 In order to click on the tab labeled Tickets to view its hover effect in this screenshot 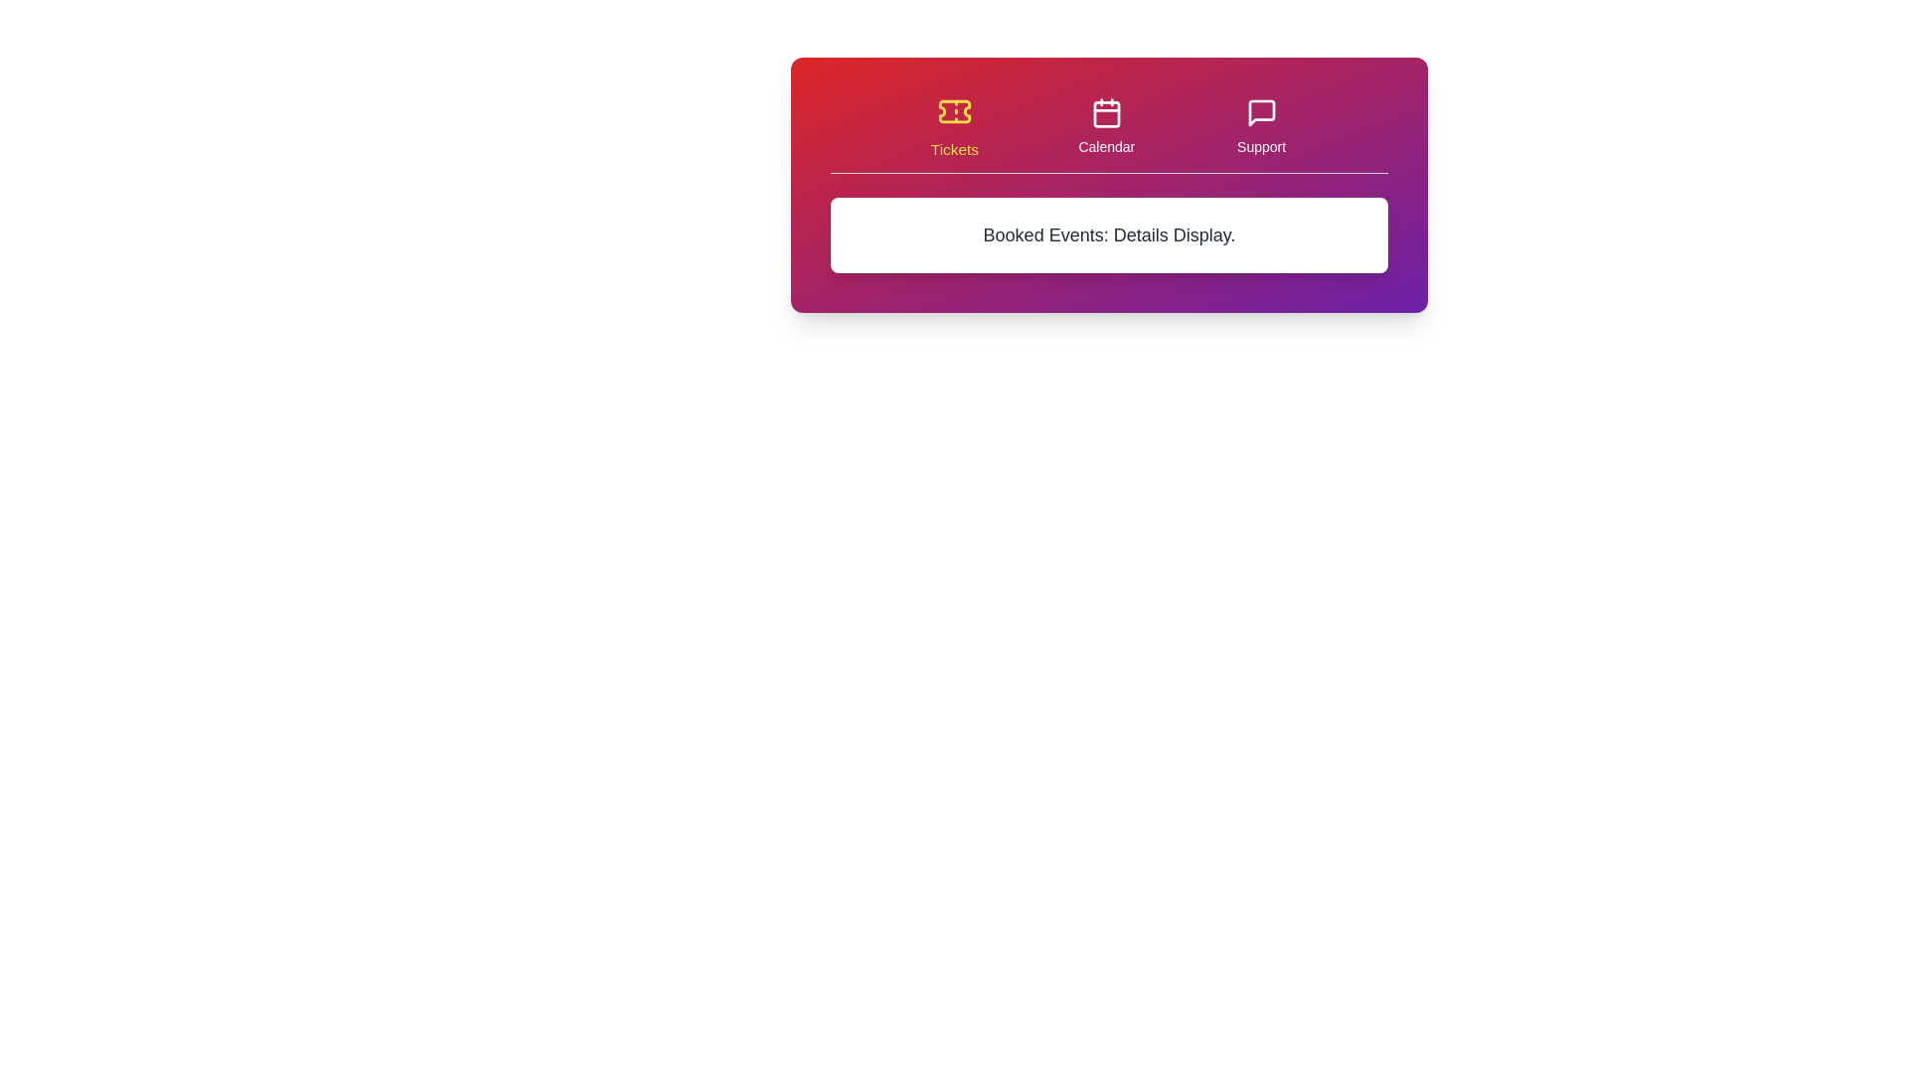, I will do `click(954, 126)`.